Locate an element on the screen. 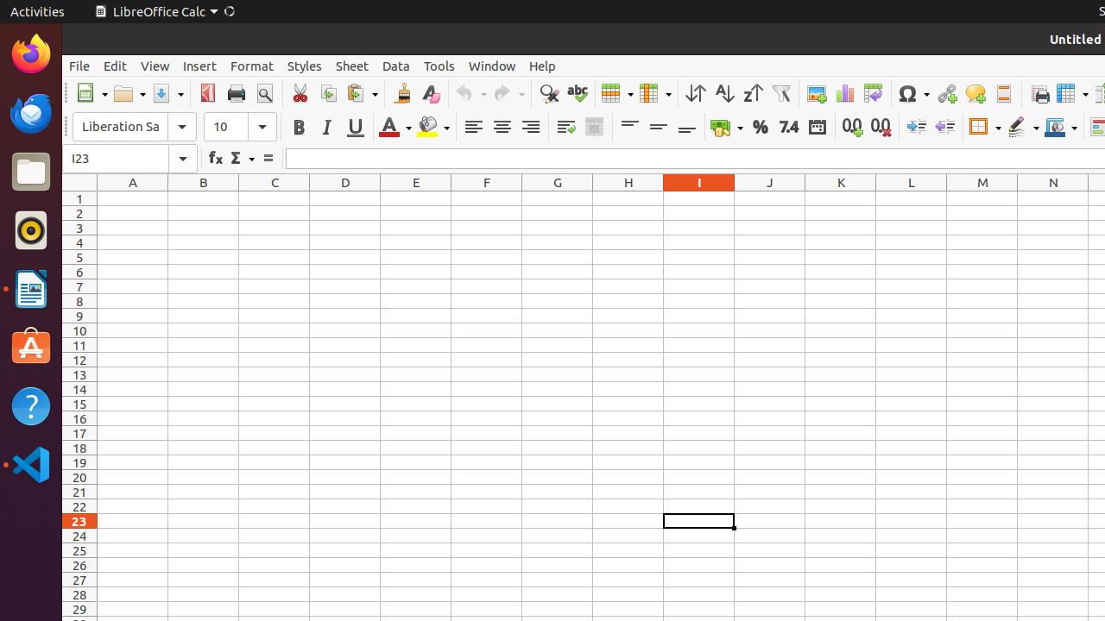 This screenshot has width=1105, height=621. 'Print Preview' is located at coordinates (263, 93).